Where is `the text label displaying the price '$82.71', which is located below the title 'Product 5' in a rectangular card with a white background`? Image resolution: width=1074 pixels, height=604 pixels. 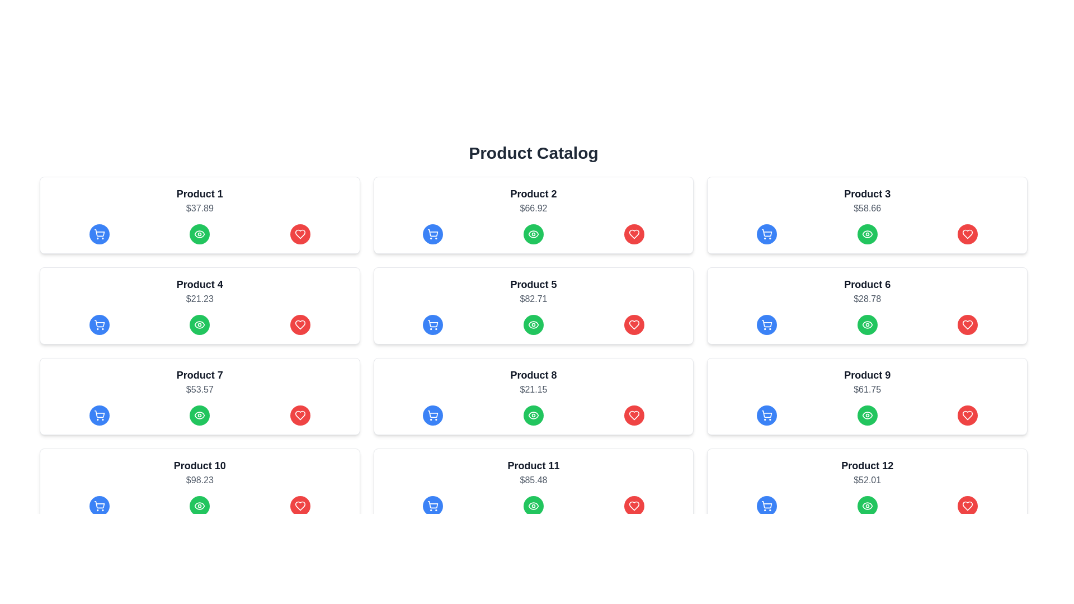 the text label displaying the price '$82.71', which is located below the title 'Product 5' in a rectangular card with a white background is located at coordinates (533, 299).